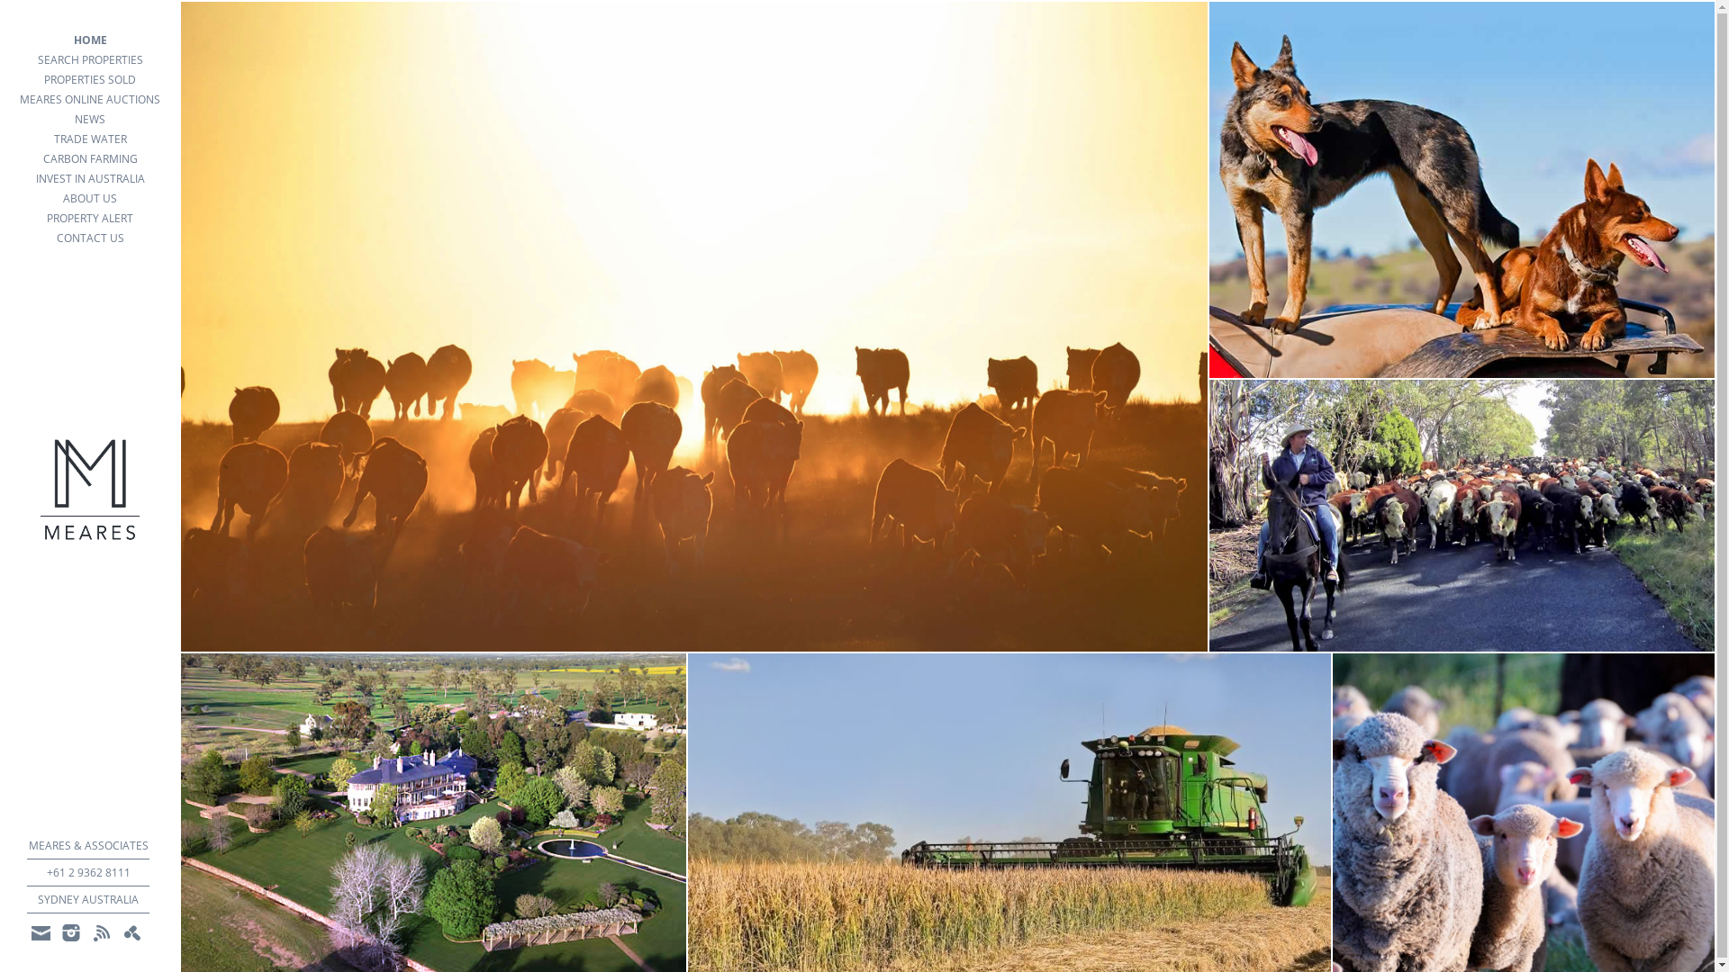 The image size is (1729, 972). I want to click on 'MEARES ONLINE AUCTIONS', so click(89, 100).